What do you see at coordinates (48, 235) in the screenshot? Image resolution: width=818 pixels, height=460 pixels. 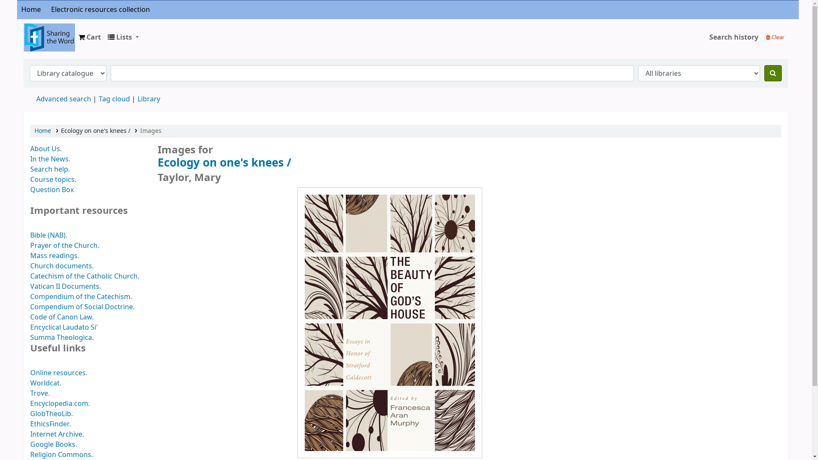 I see `'Bible (NAB).'` at bounding box center [48, 235].